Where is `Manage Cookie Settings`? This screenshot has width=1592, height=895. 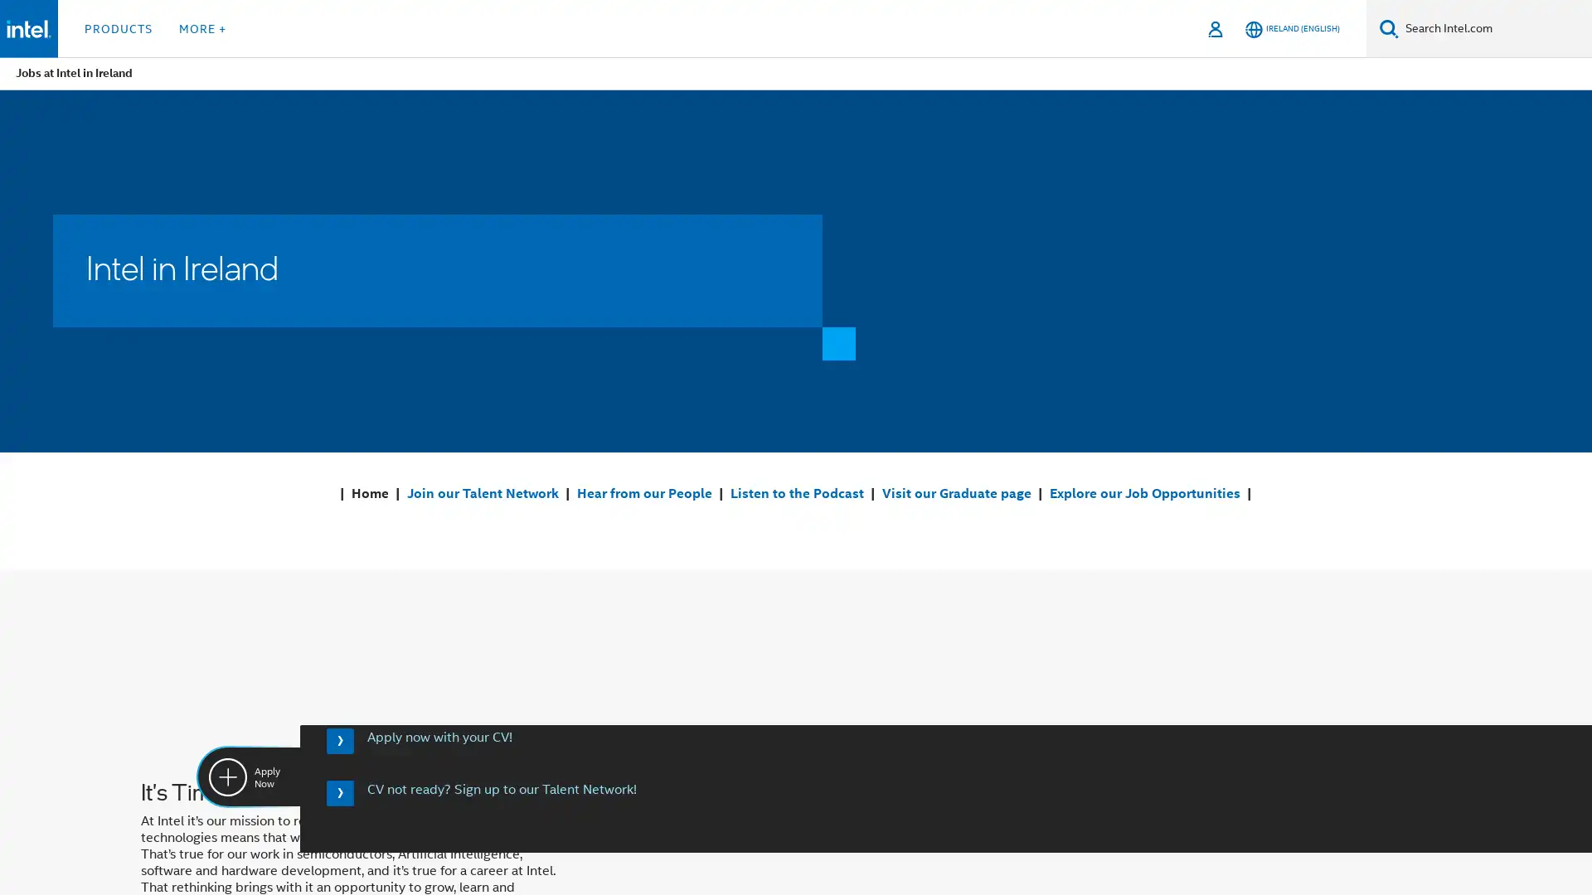
Manage Cookie Settings is located at coordinates (1276, 846).